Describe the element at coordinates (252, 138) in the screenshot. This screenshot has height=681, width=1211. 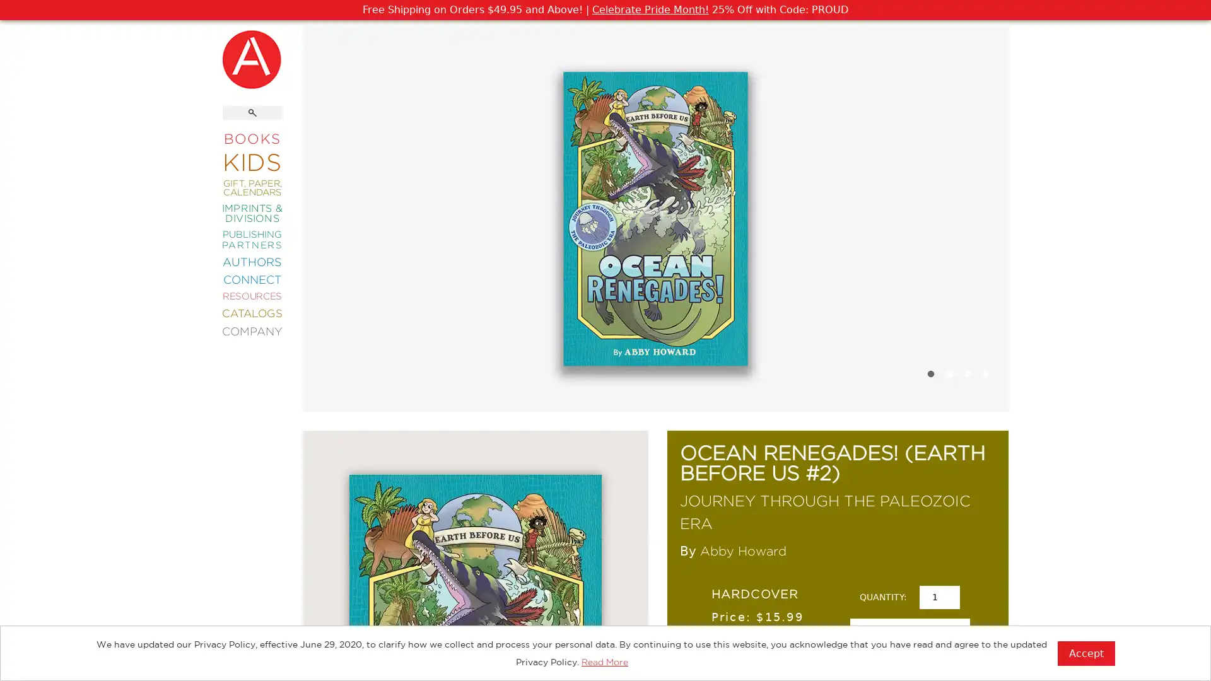
I see `BOOKS` at that location.